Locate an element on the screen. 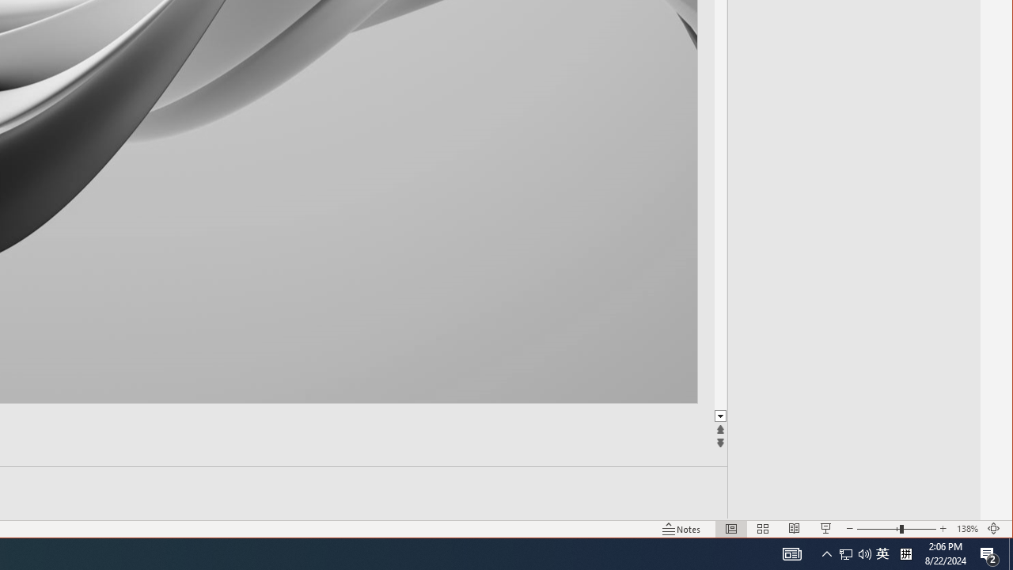 The width and height of the screenshot is (1013, 570). 'Reading View' is located at coordinates (791, 553).